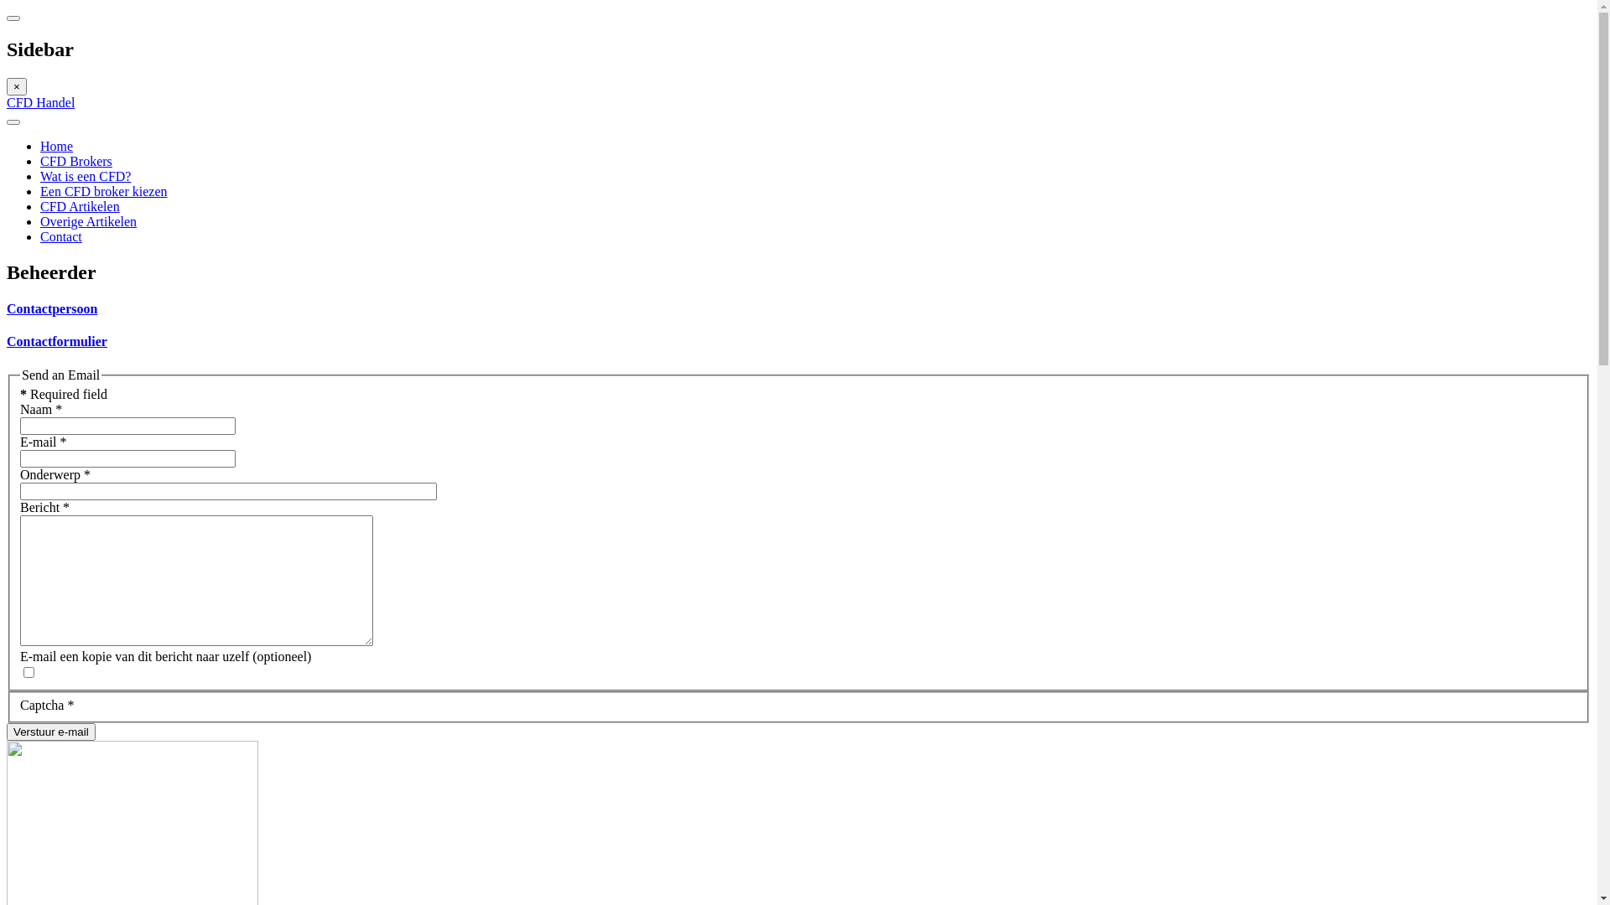 Image resolution: width=1610 pixels, height=905 pixels. Describe the element at coordinates (51, 731) in the screenshot. I see `'Verstuur e-mail'` at that location.